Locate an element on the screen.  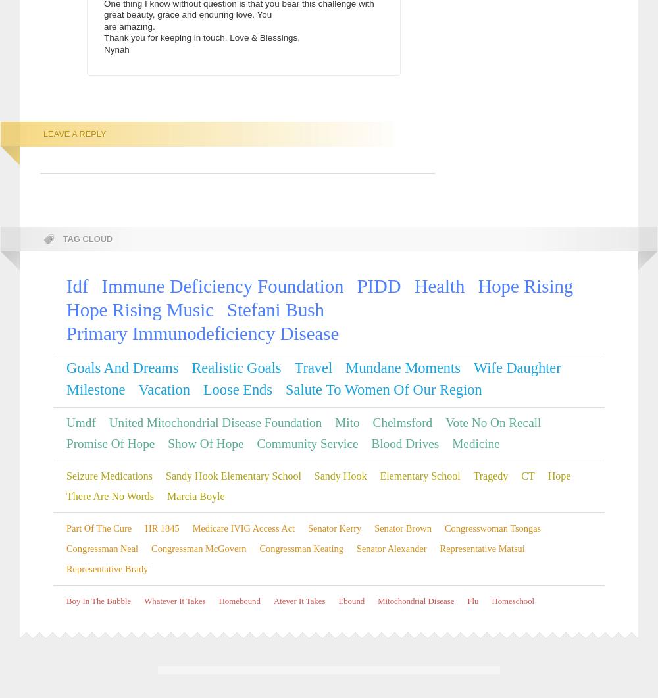
'Senator Kerry' is located at coordinates (307, 528).